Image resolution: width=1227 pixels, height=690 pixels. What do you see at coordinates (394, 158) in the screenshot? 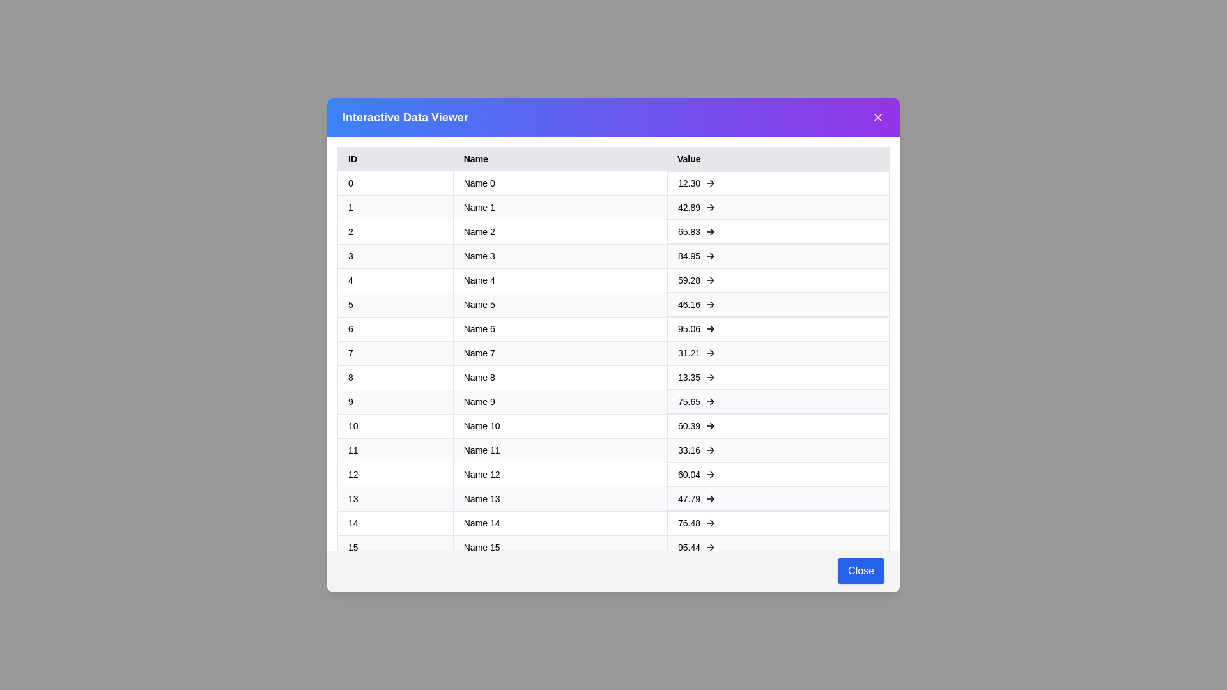
I see `the column header ID to sort the table by that column` at bounding box center [394, 158].